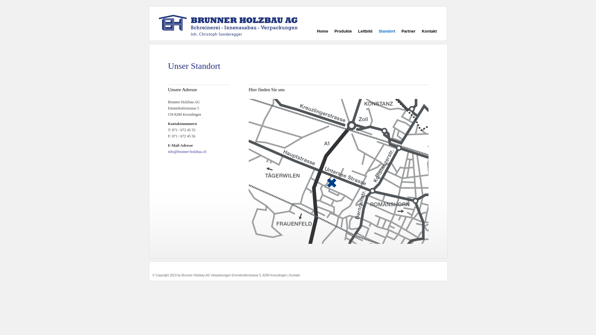 The height and width of the screenshot is (335, 596). Describe the element at coordinates (386, 31) in the screenshot. I see `'Standort'` at that location.